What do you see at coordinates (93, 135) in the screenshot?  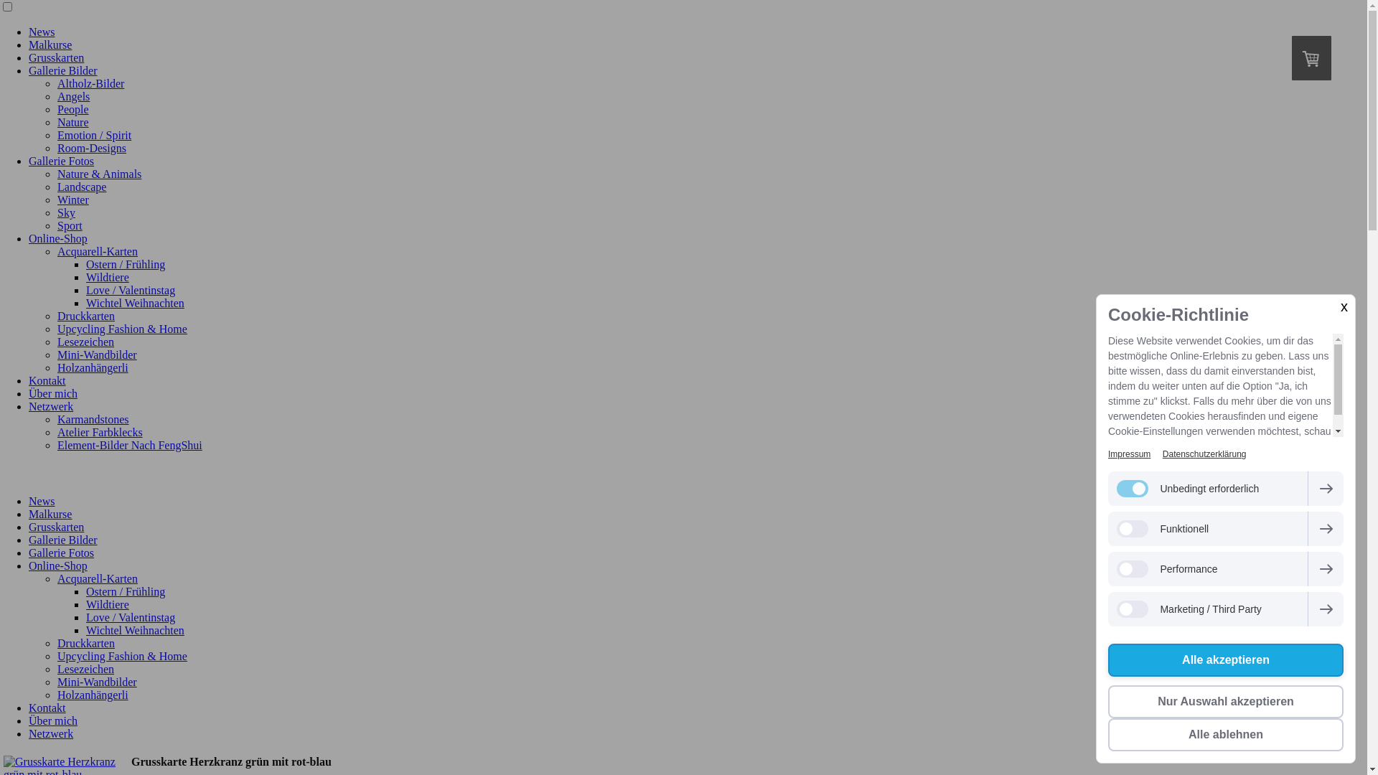 I see `'Emotion / Spirit'` at bounding box center [93, 135].